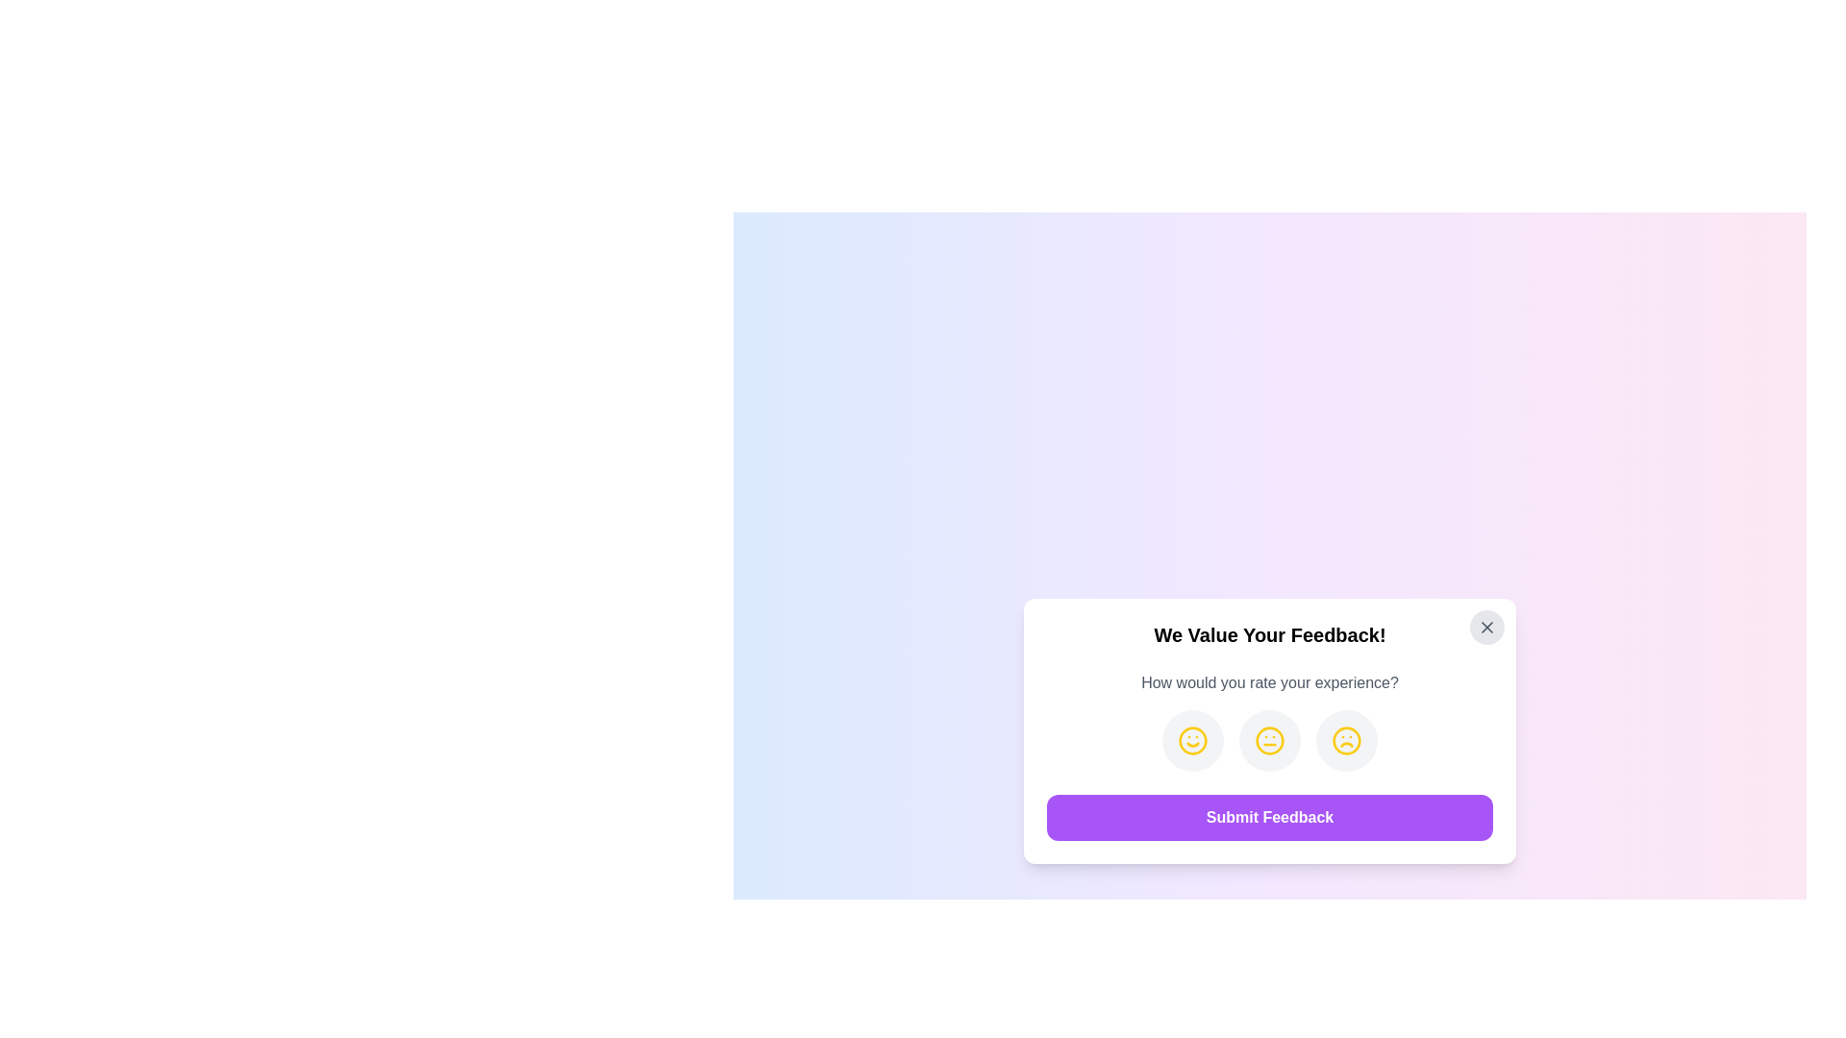 The height and width of the screenshot is (1038, 1846). Describe the element at coordinates (1269, 740) in the screenshot. I see `the yellow neutral feedback emoticon icon by moving the mouse to its center for accessibility interactions` at that location.